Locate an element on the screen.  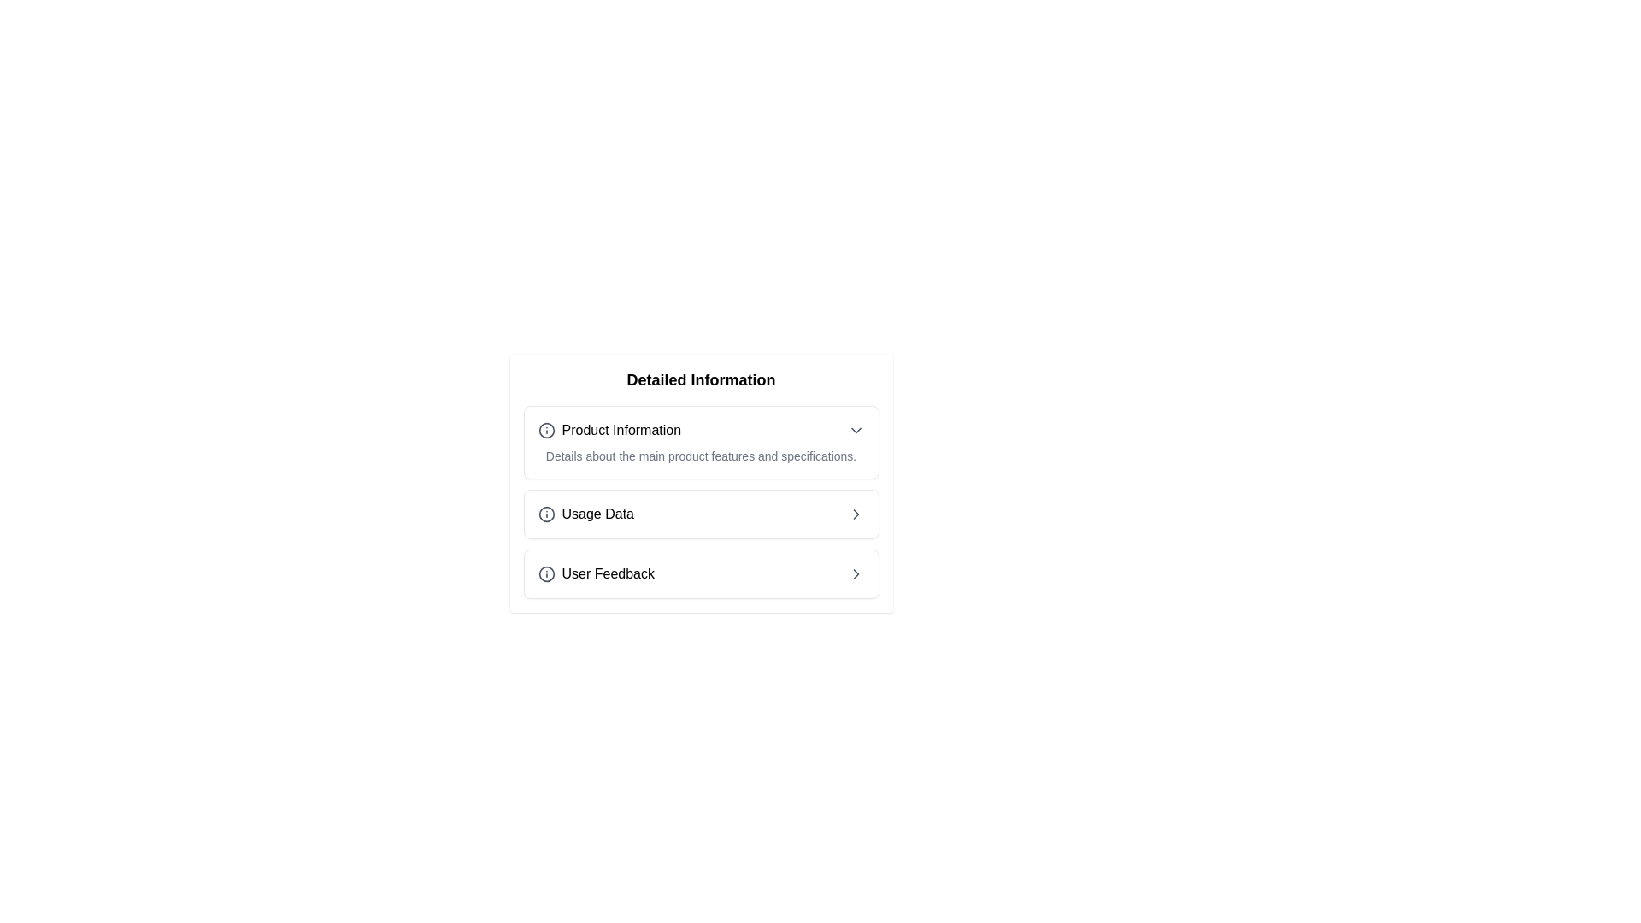
the navigational link for usage insights located under the 'Detailed Information' section, positioned between 'Product Information' and 'User Feedback' is located at coordinates (585, 513).